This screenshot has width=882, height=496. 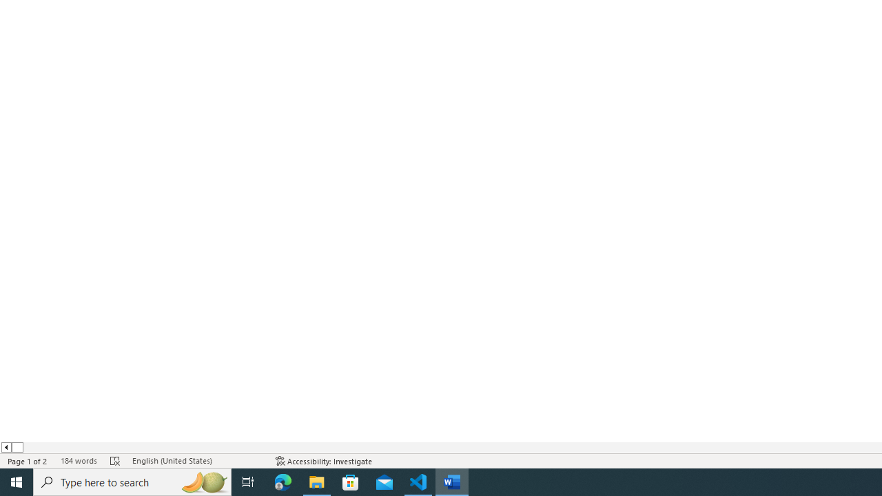 I want to click on 'Task View', so click(x=247, y=481).